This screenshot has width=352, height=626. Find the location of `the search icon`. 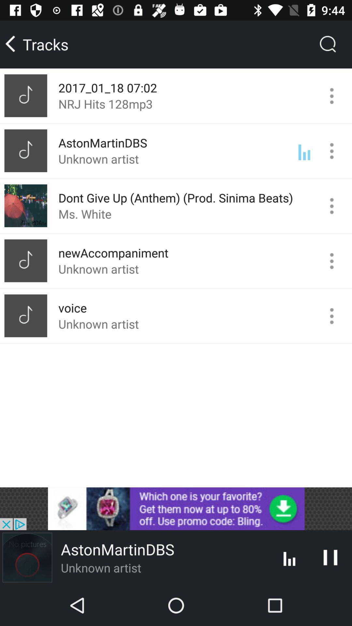

the search icon is located at coordinates (328, 44).